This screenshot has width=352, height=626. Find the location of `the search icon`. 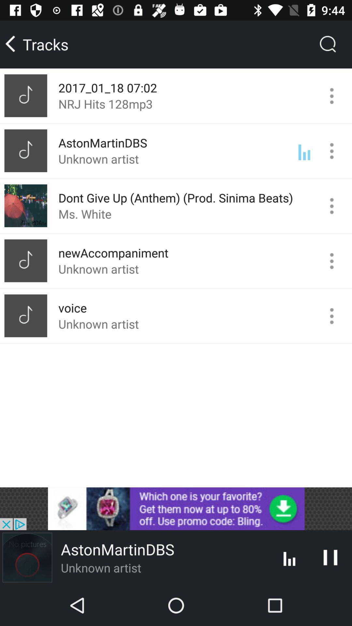

the search icon is located at coordinates (328, 44).